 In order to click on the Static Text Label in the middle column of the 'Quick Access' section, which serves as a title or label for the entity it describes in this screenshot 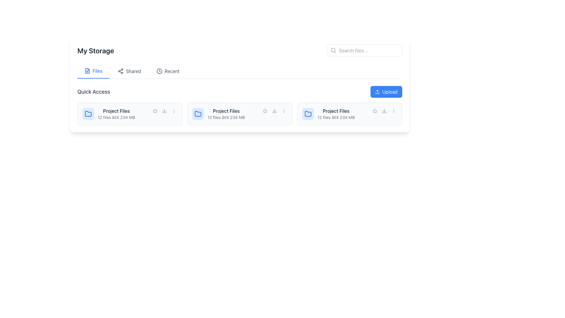, I will do `click(226, 111)`.